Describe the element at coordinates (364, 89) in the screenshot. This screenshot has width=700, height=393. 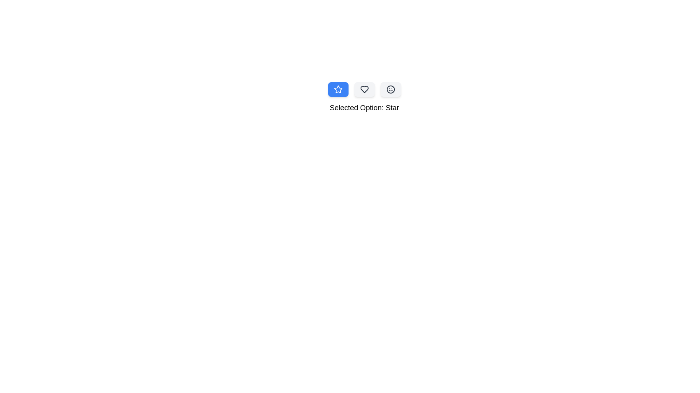
I see `the button corresponding to Heart` at that location.